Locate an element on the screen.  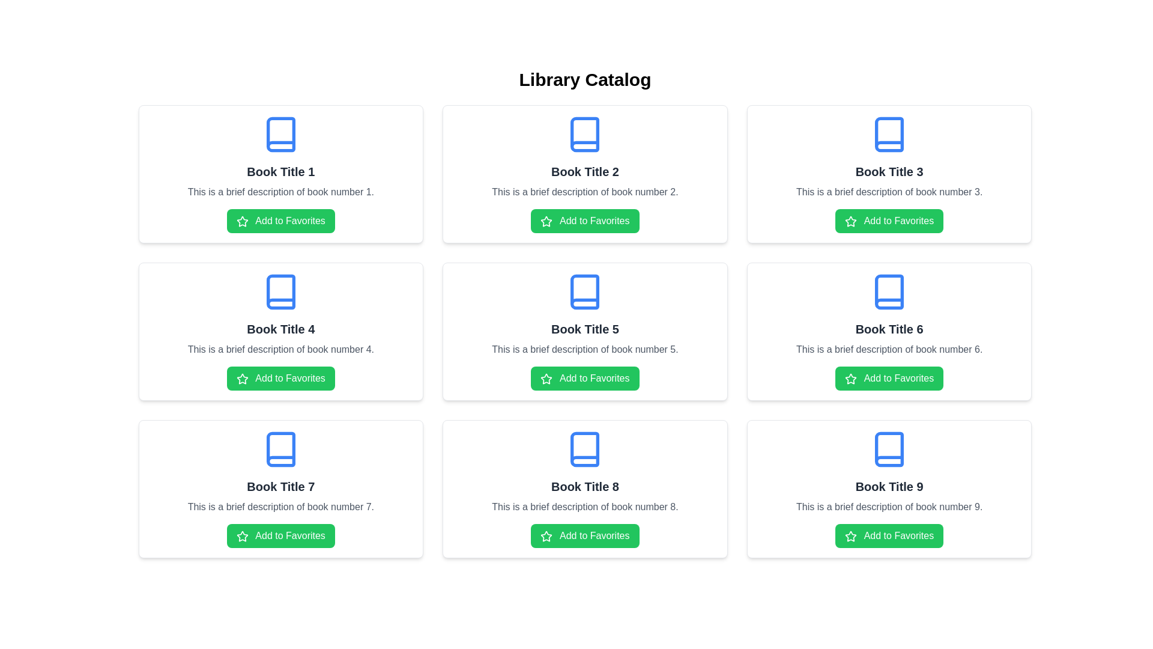
the blue book icon located at the top of the card labeled 'Book Title 6' is located at coordinates (889, 292).